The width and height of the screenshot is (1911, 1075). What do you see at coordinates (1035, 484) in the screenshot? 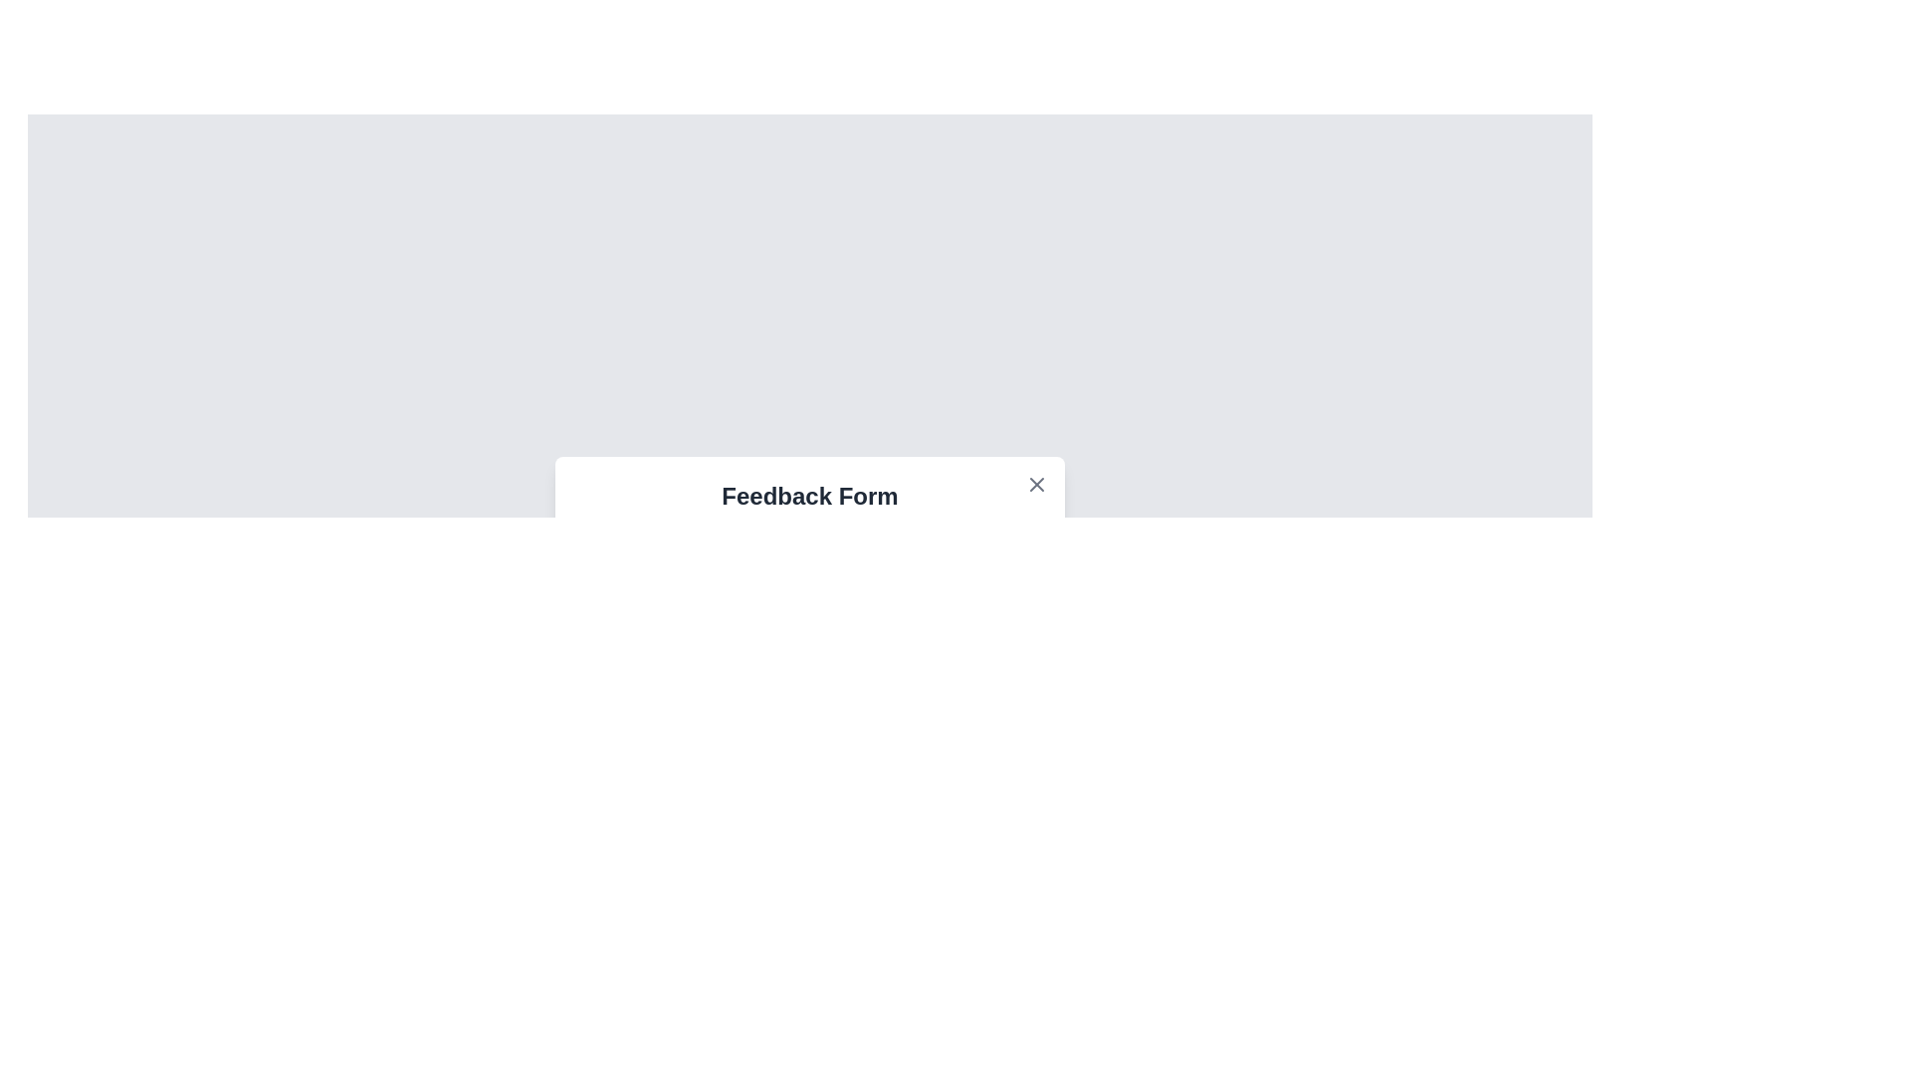
I see `the close icon located at the top right corner of the feedback form modal, adjacent to the 'Feedback Form' text` at bounding box center [1035, 484].